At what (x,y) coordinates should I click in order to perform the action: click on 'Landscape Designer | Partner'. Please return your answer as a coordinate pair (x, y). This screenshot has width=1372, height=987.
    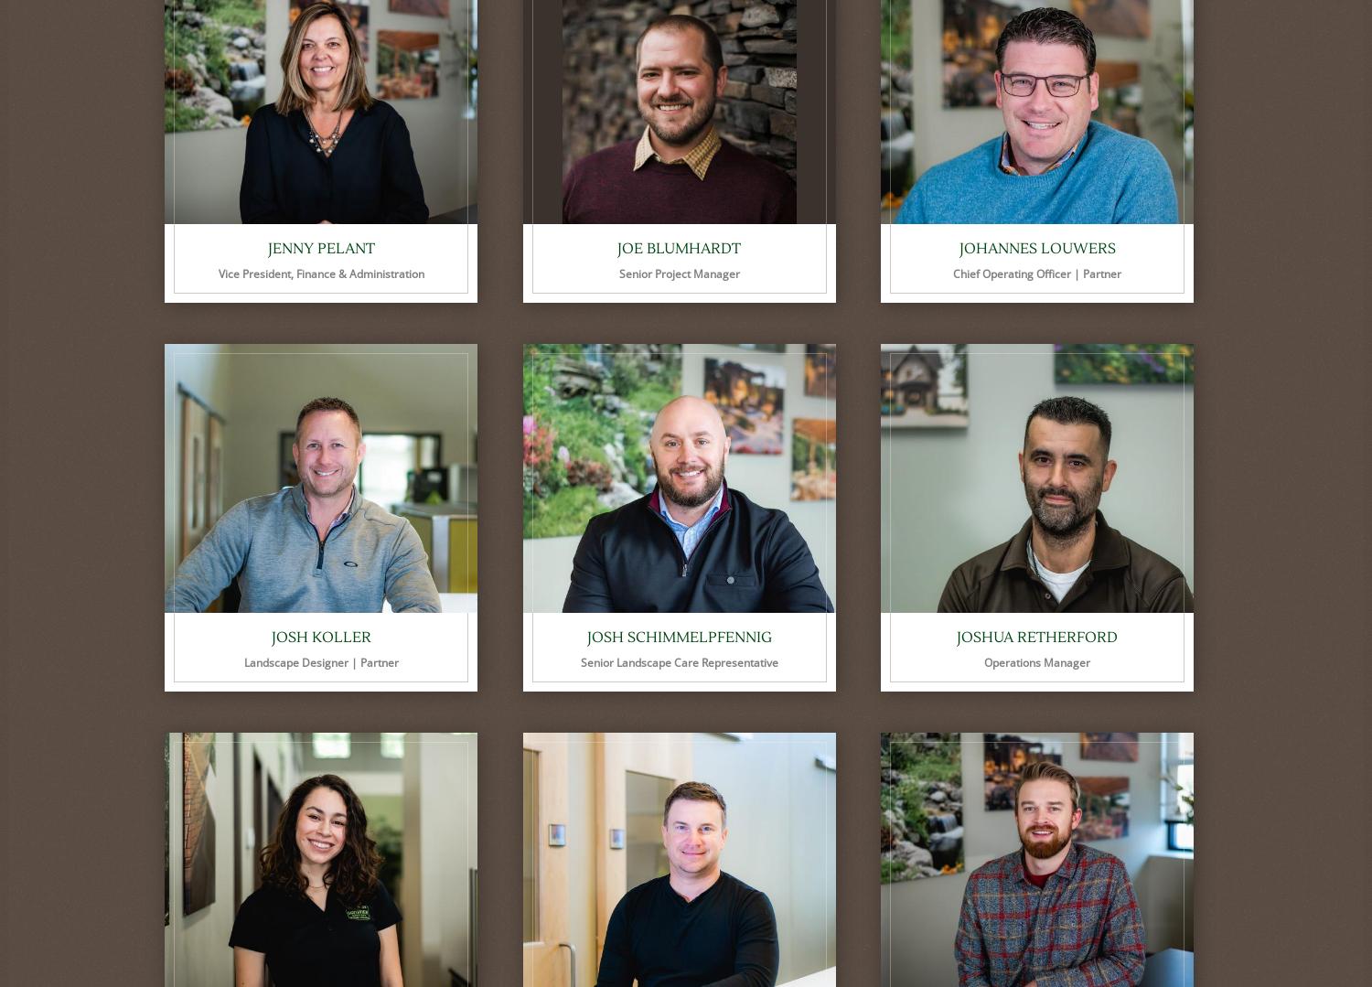
    Looking at the image, I should click on (319, 661).